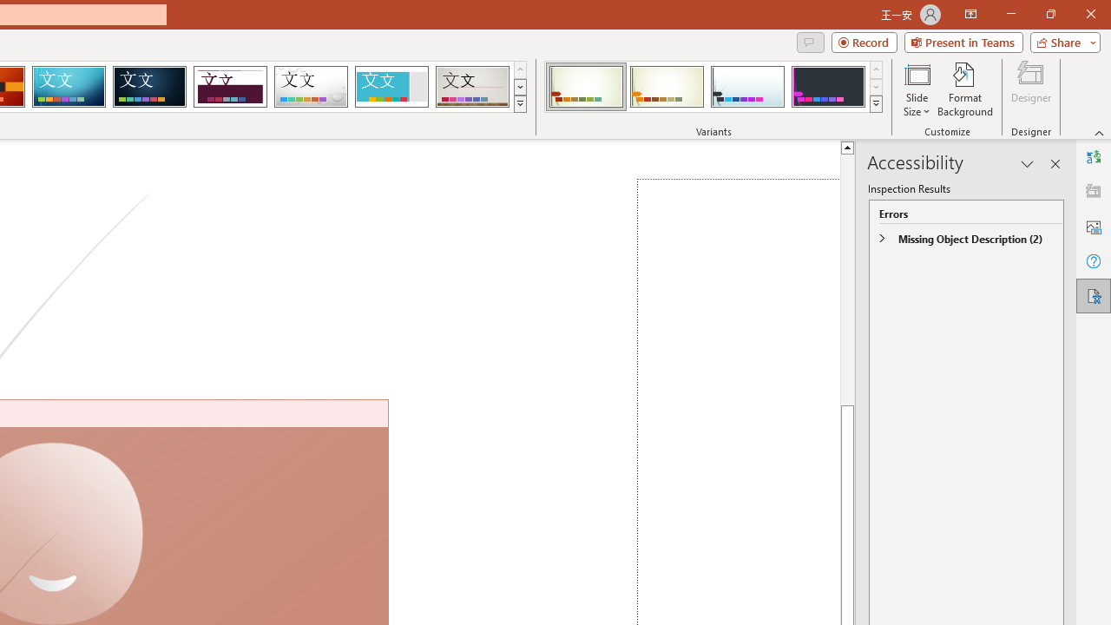  I want to click on 'Alt Text', so click(1093, 226).